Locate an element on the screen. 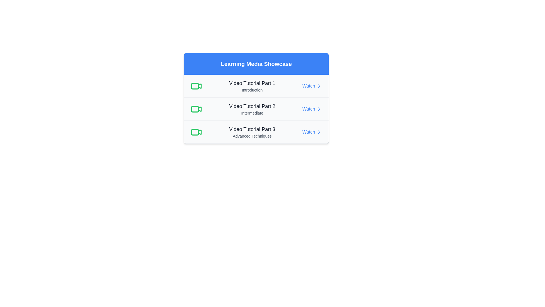  the icon located at the far right of the first row in the multi-row card layout, which is part of the 'Watch' link for 'Video Tutorial Part 1' is located at coordinates (319, 86).